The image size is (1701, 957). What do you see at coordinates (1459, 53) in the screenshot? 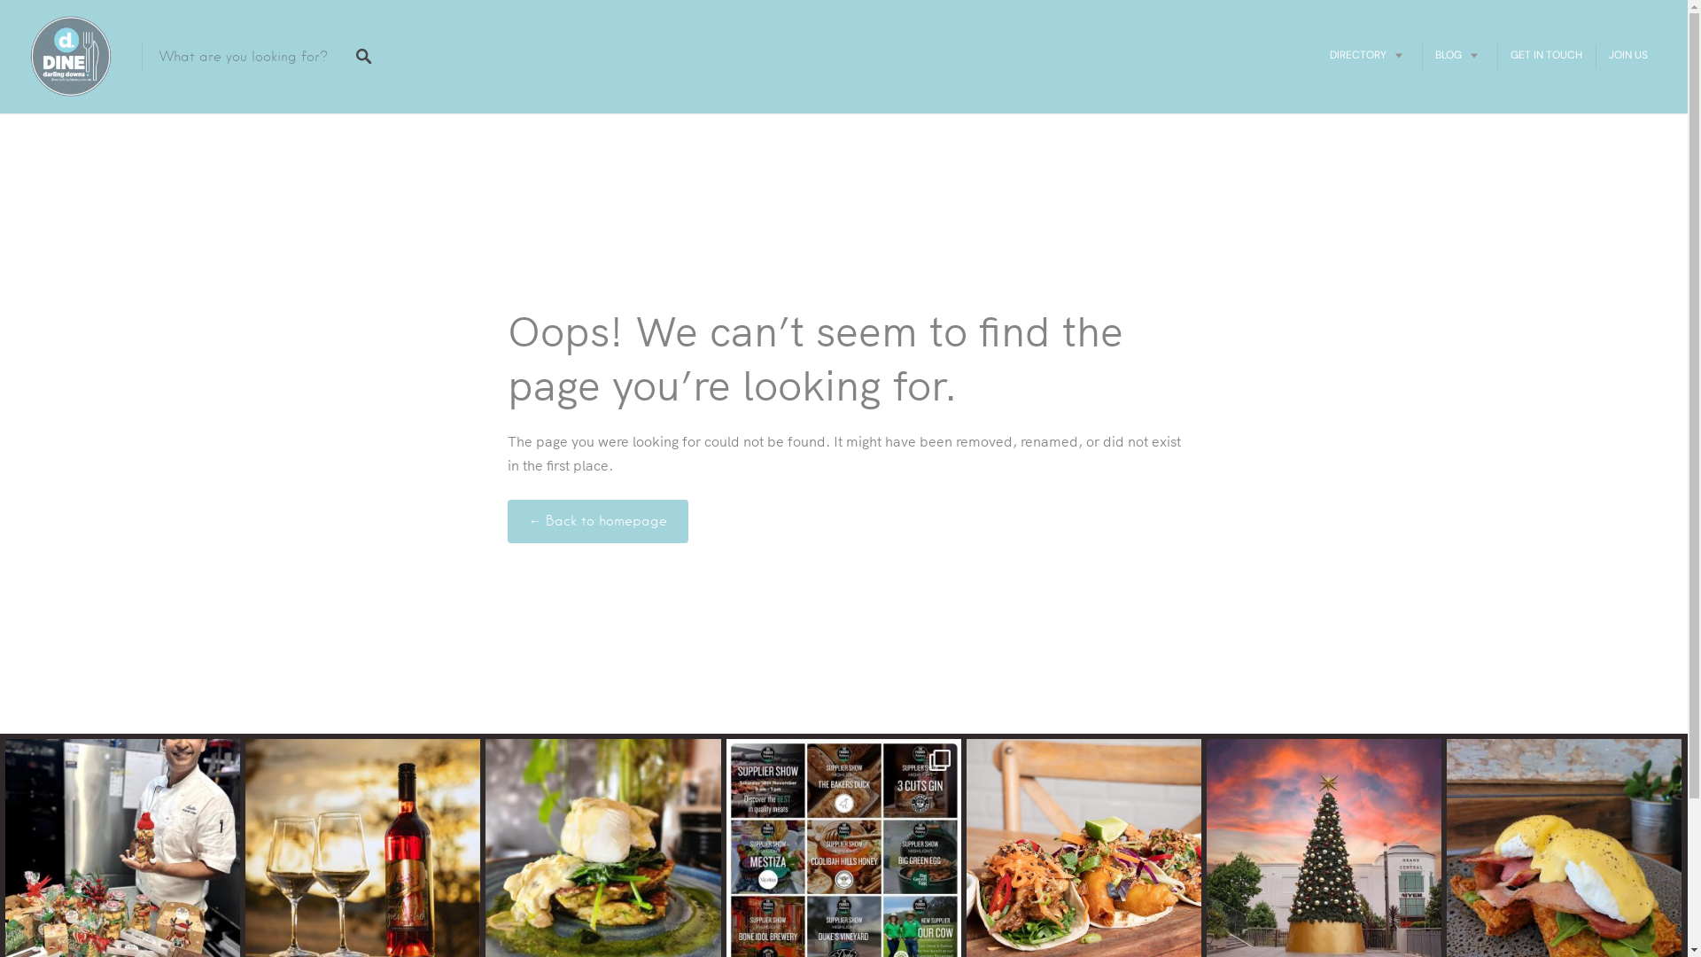
I see `'BLOG'` at bounding box center [1459, 53].